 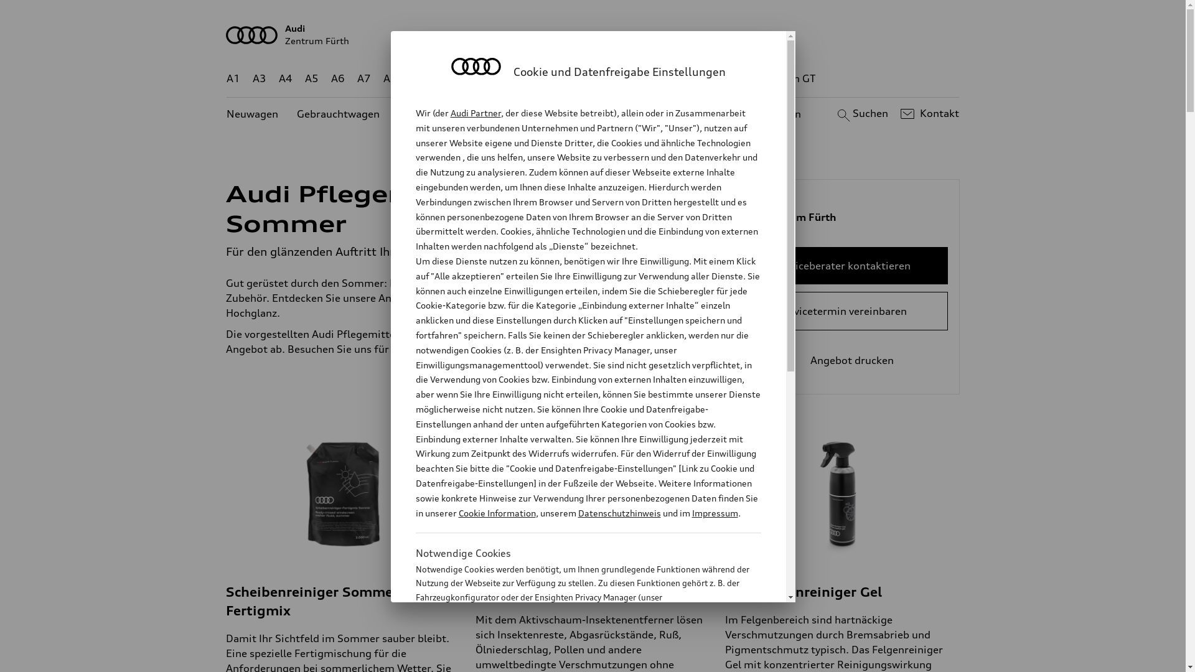 I want to click on 'A4', so click(x=285, y=78).